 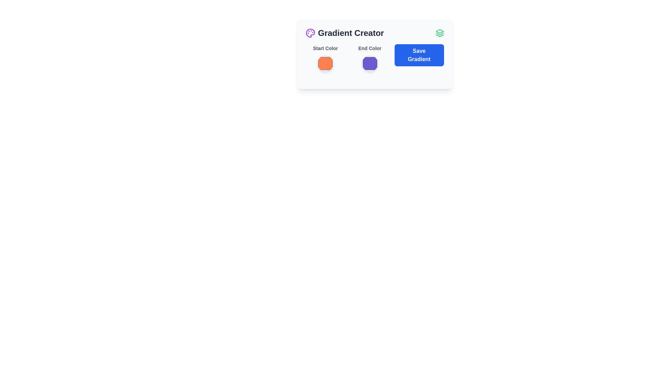 What do you see at coordinates (325, 58) in the screenshot?
I see `the leftmost color picker component in the 'Gradient Creator' panel to pick a new color` at bounding box center [325, 58].